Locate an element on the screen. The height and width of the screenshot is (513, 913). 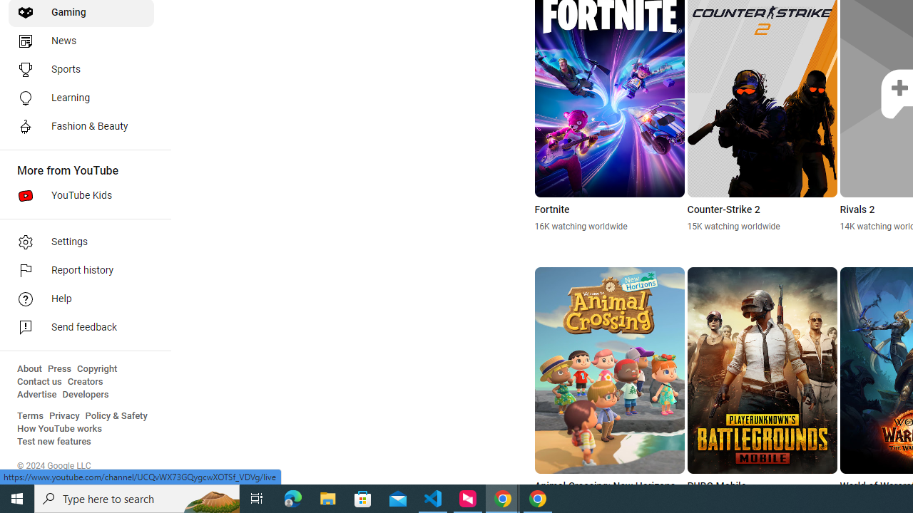
'Creators' is located at coordinates (84, 381).